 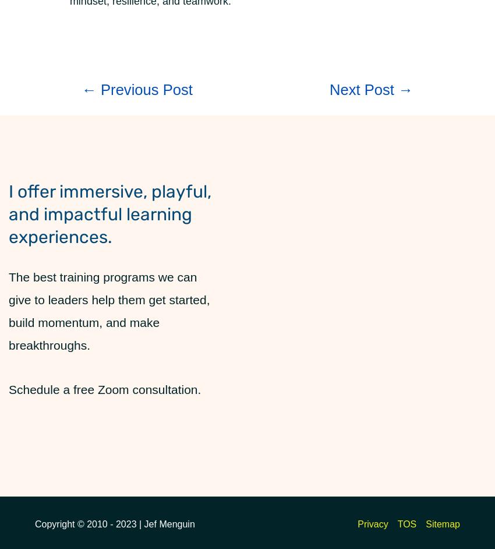 I want to click on 'TOS', so click(x=397, y=523).